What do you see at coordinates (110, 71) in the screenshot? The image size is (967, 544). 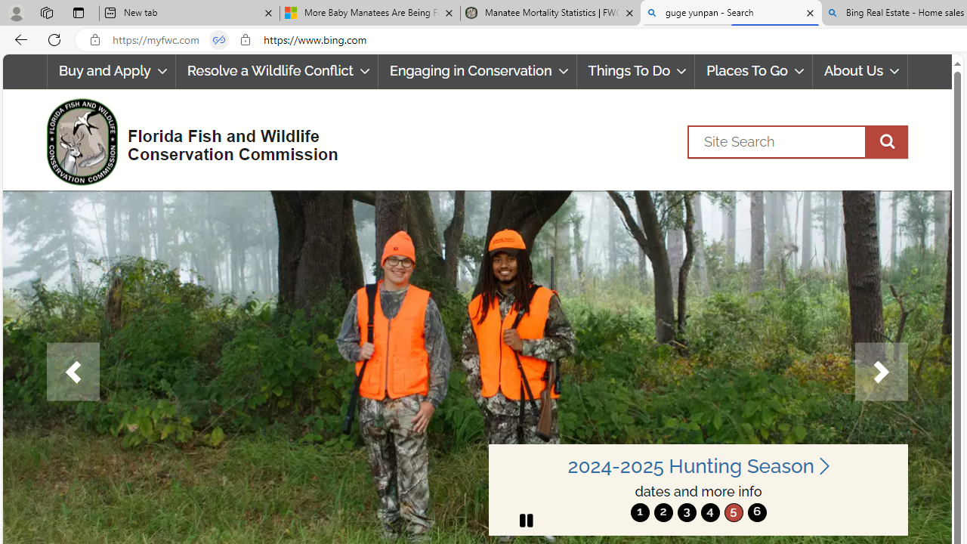 I see `'Buy and Apply'` at bounding box center [110, 71].